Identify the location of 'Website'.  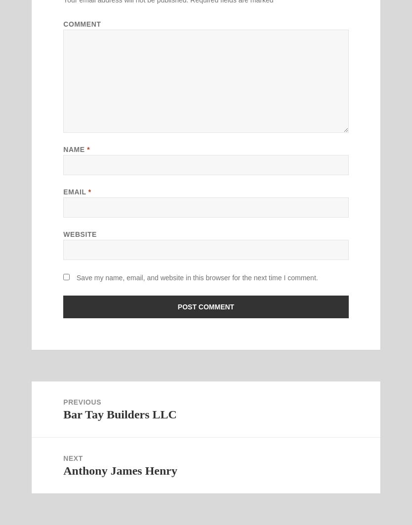
(80, 234).